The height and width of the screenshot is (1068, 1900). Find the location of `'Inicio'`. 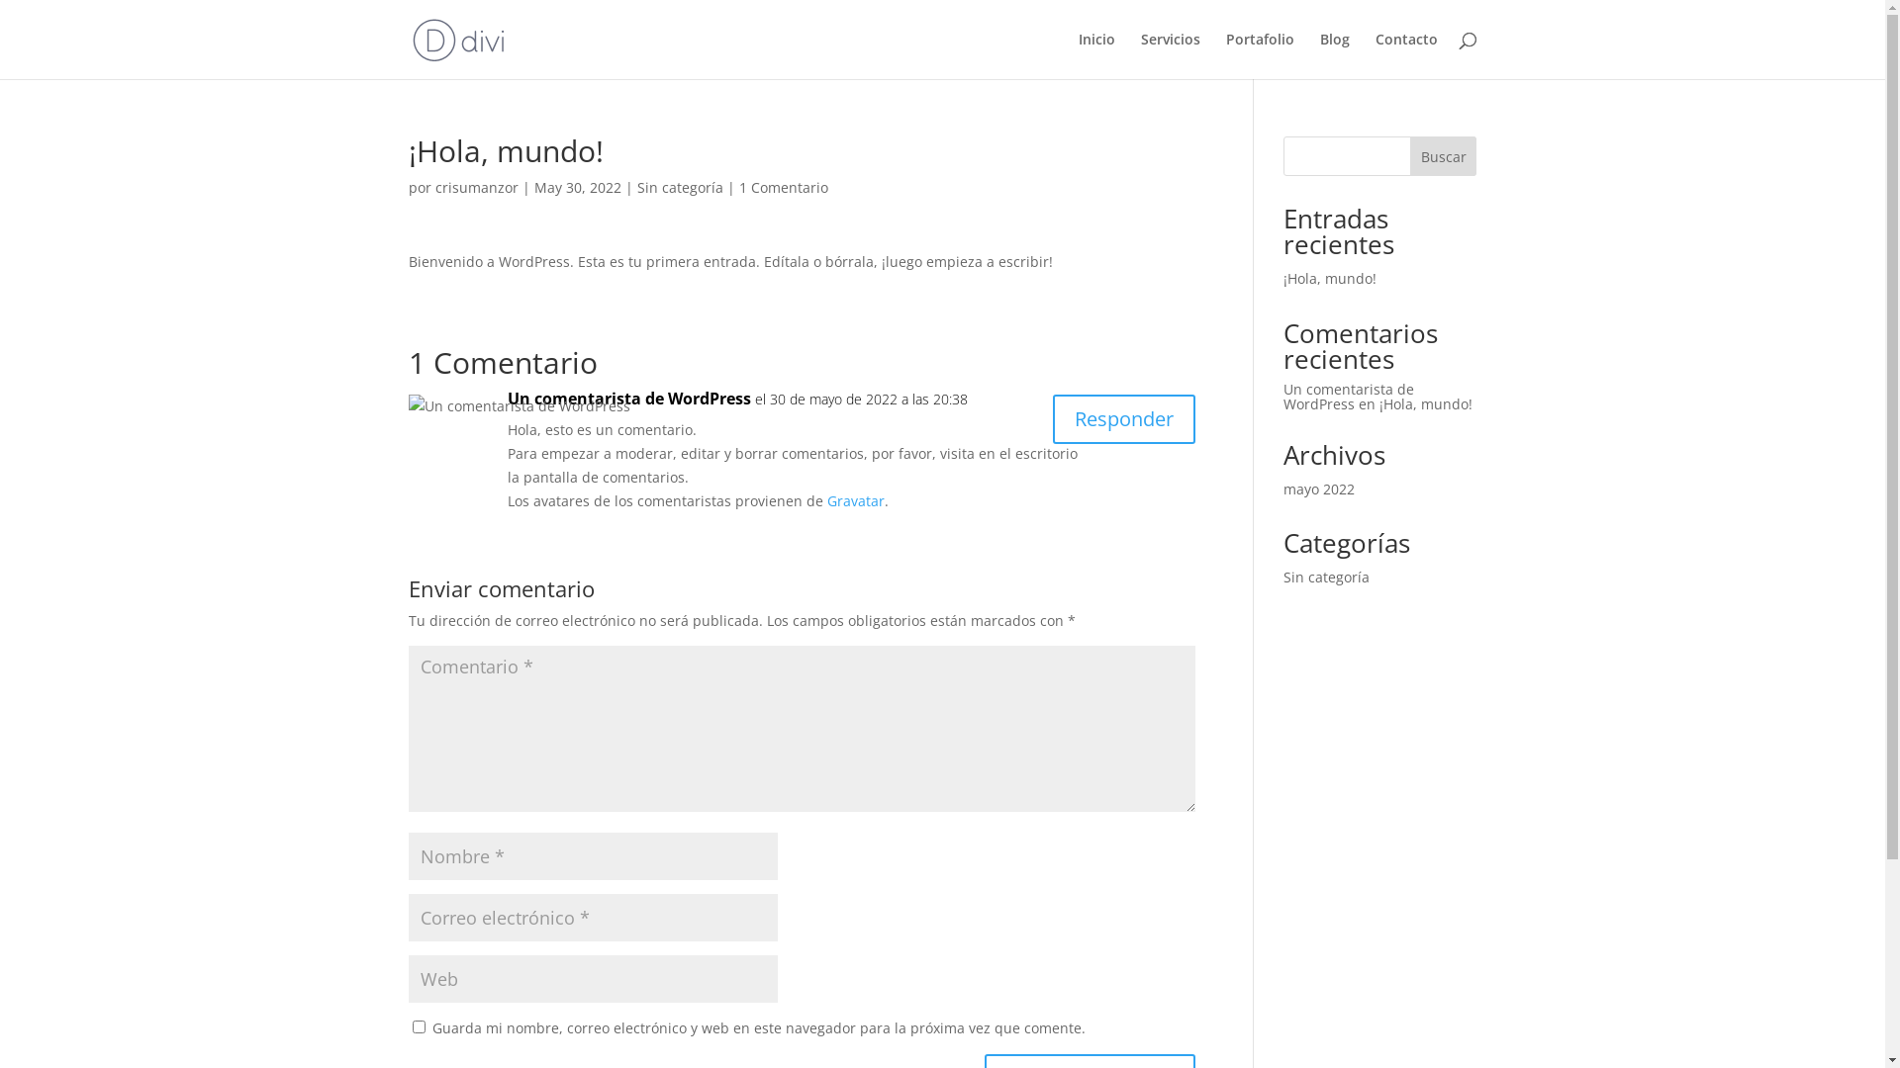

'Inicio' is located at coordinates (1095, 54).